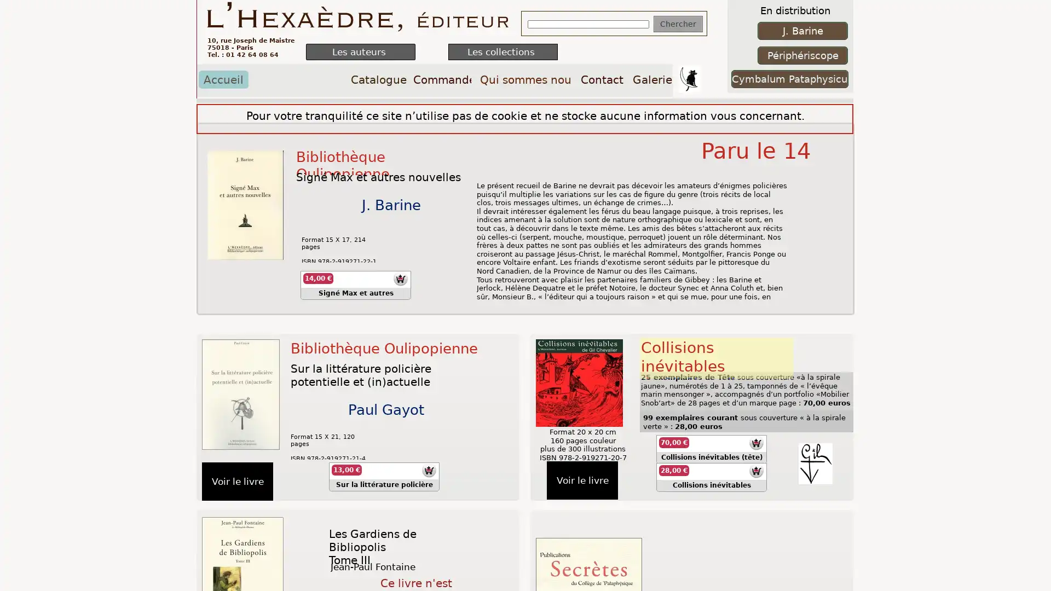 This screenshot has height=591, width=1051. What do you see at coordinates (677, 24) in the screenshot?
I see `Chercher` at bounding box center [677, 24].